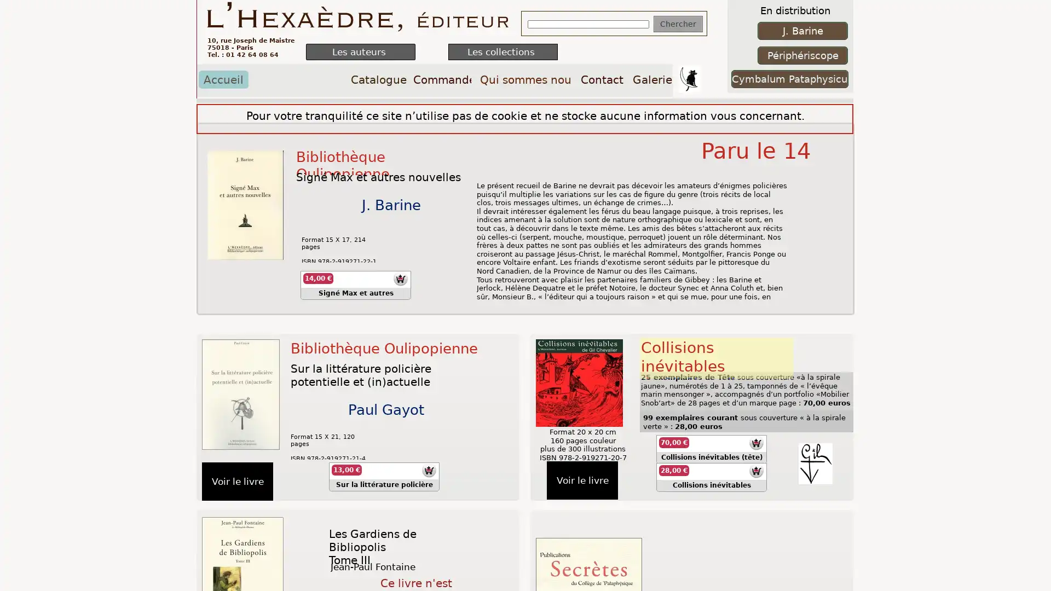 This screenshot has height=591, width=1051. What do you see at coordinates (677, 24) in the screenshot?
I see `Chercher` at bounding box center [677, 24].